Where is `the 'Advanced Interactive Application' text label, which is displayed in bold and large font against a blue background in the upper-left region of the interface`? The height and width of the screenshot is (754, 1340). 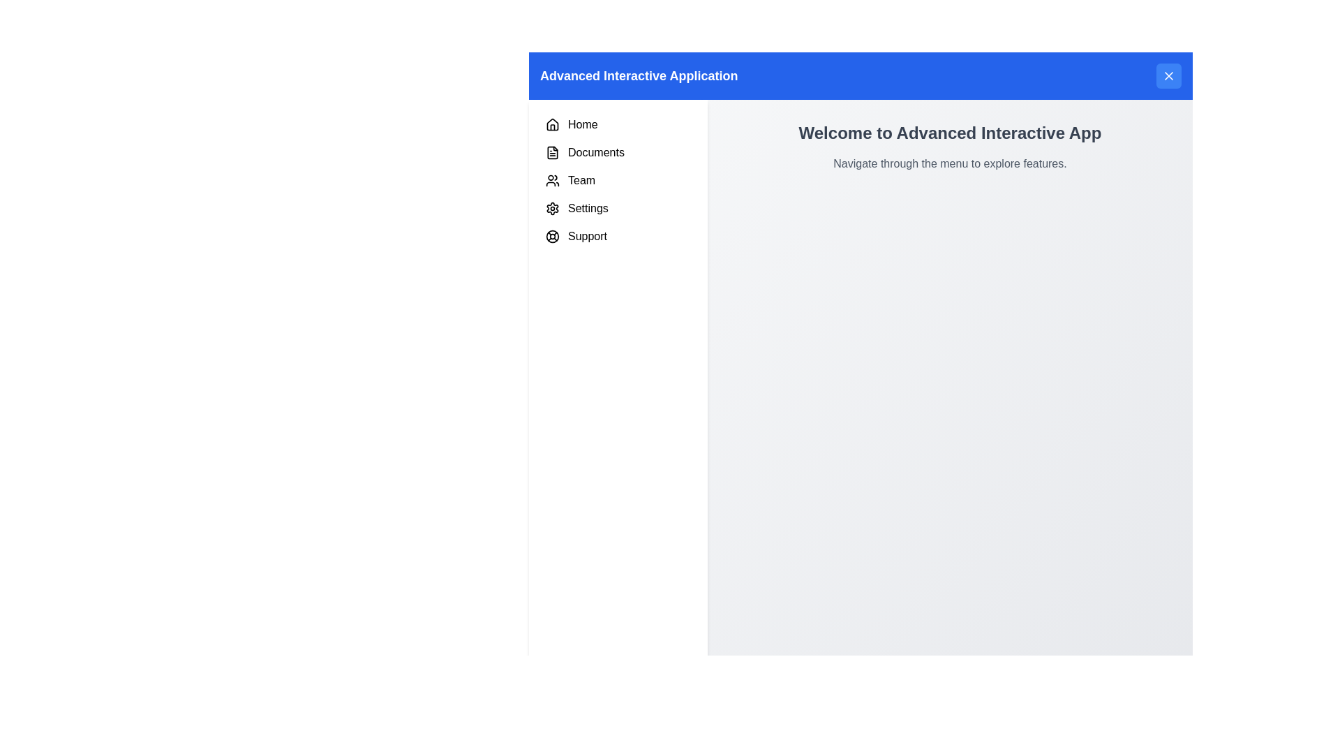
the 'Advanced Interactive Application' text label, which is displayed in bold and large font against a blue background in the upper-left region of the interface is located at coordinates (638, 75).